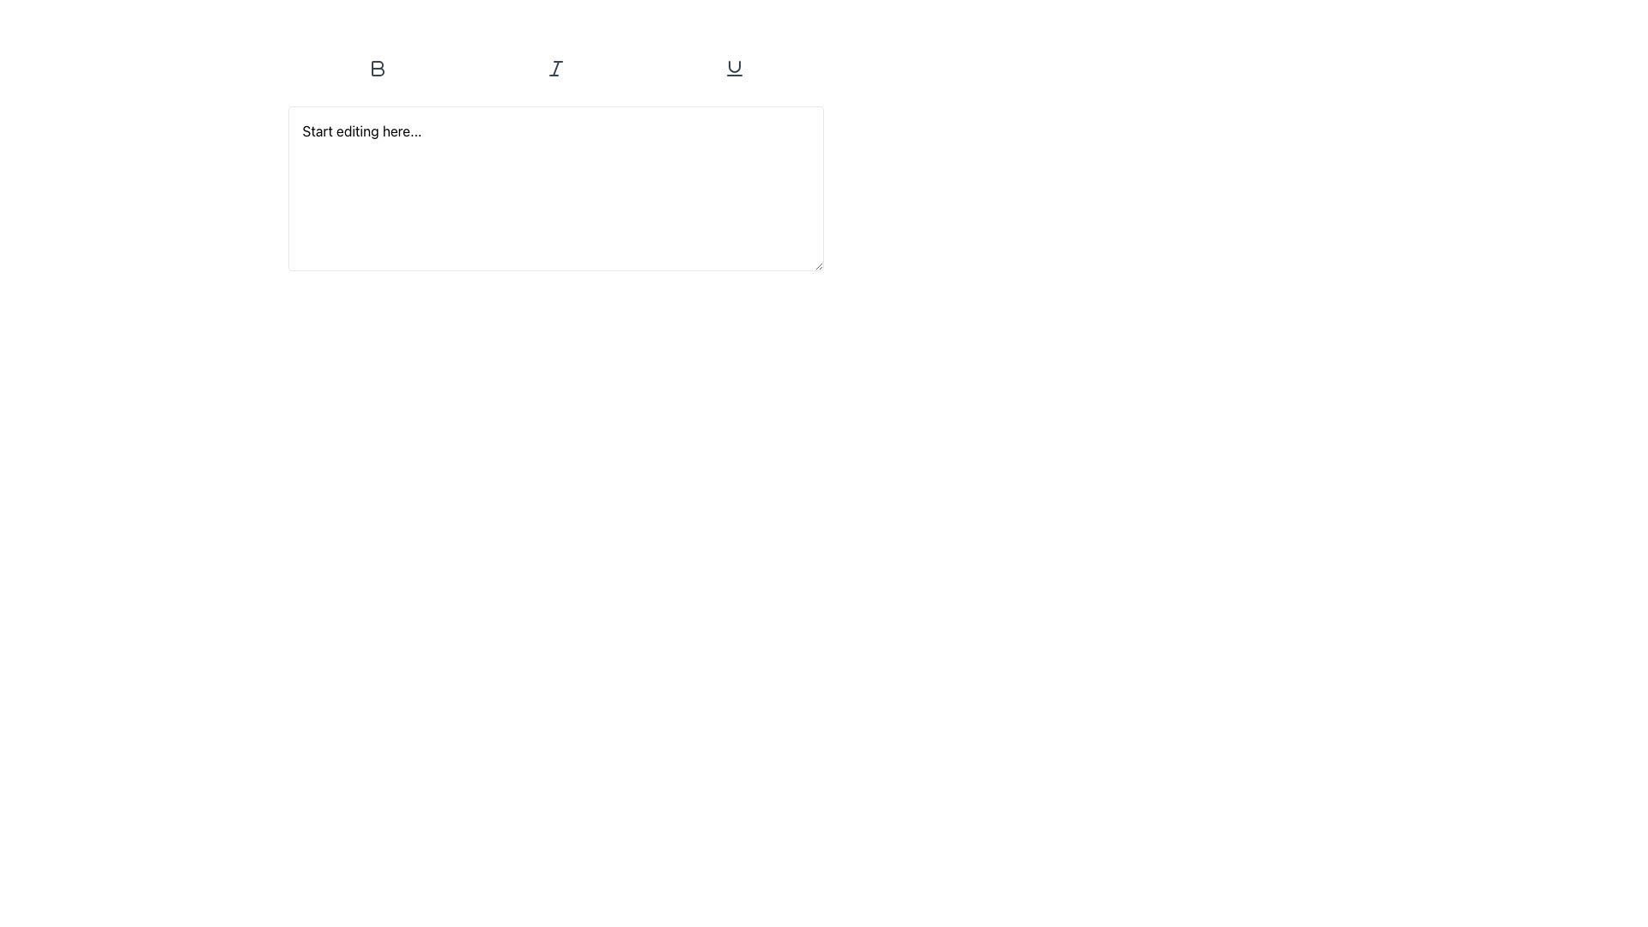 The image size is (1648, 927). I want to click on the italic-style icon represented by a slanted 'I' in the text formatting toolbar to apply italic formatting, so click(555, 68).